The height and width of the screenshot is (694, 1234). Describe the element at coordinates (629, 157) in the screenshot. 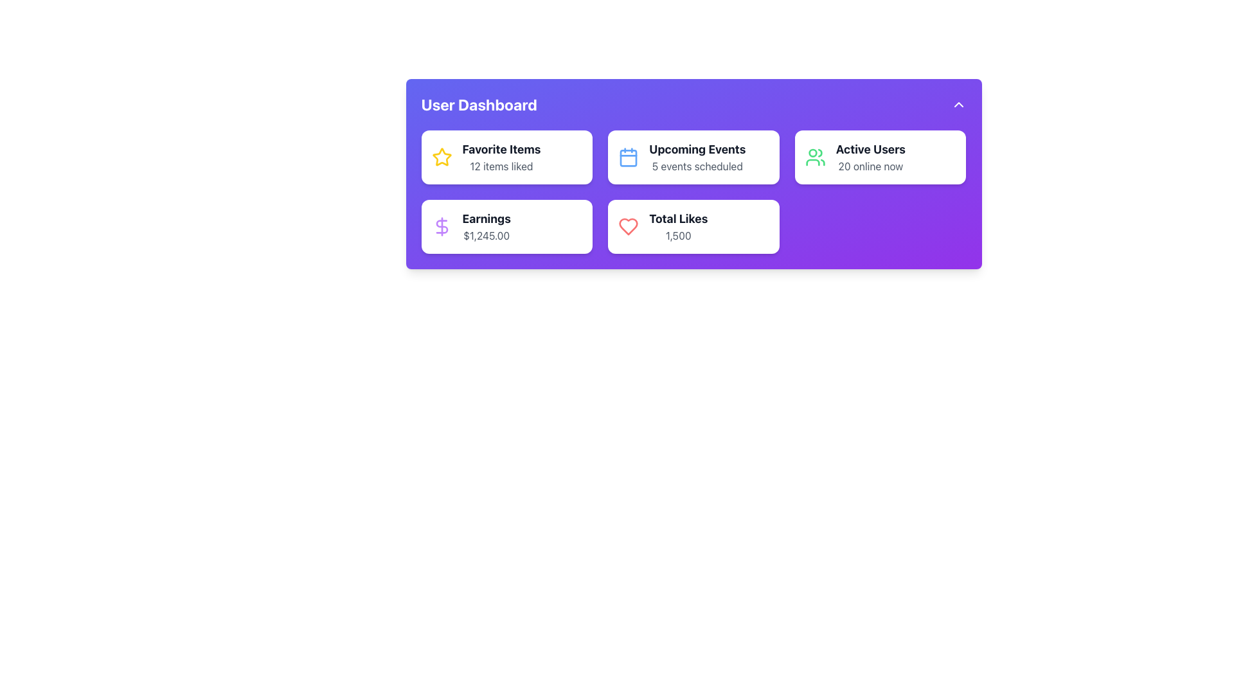

I see `the small rectangular shape within the blue calendar icon located in the 'Upcoming Events' section of the dashboard` at that location.